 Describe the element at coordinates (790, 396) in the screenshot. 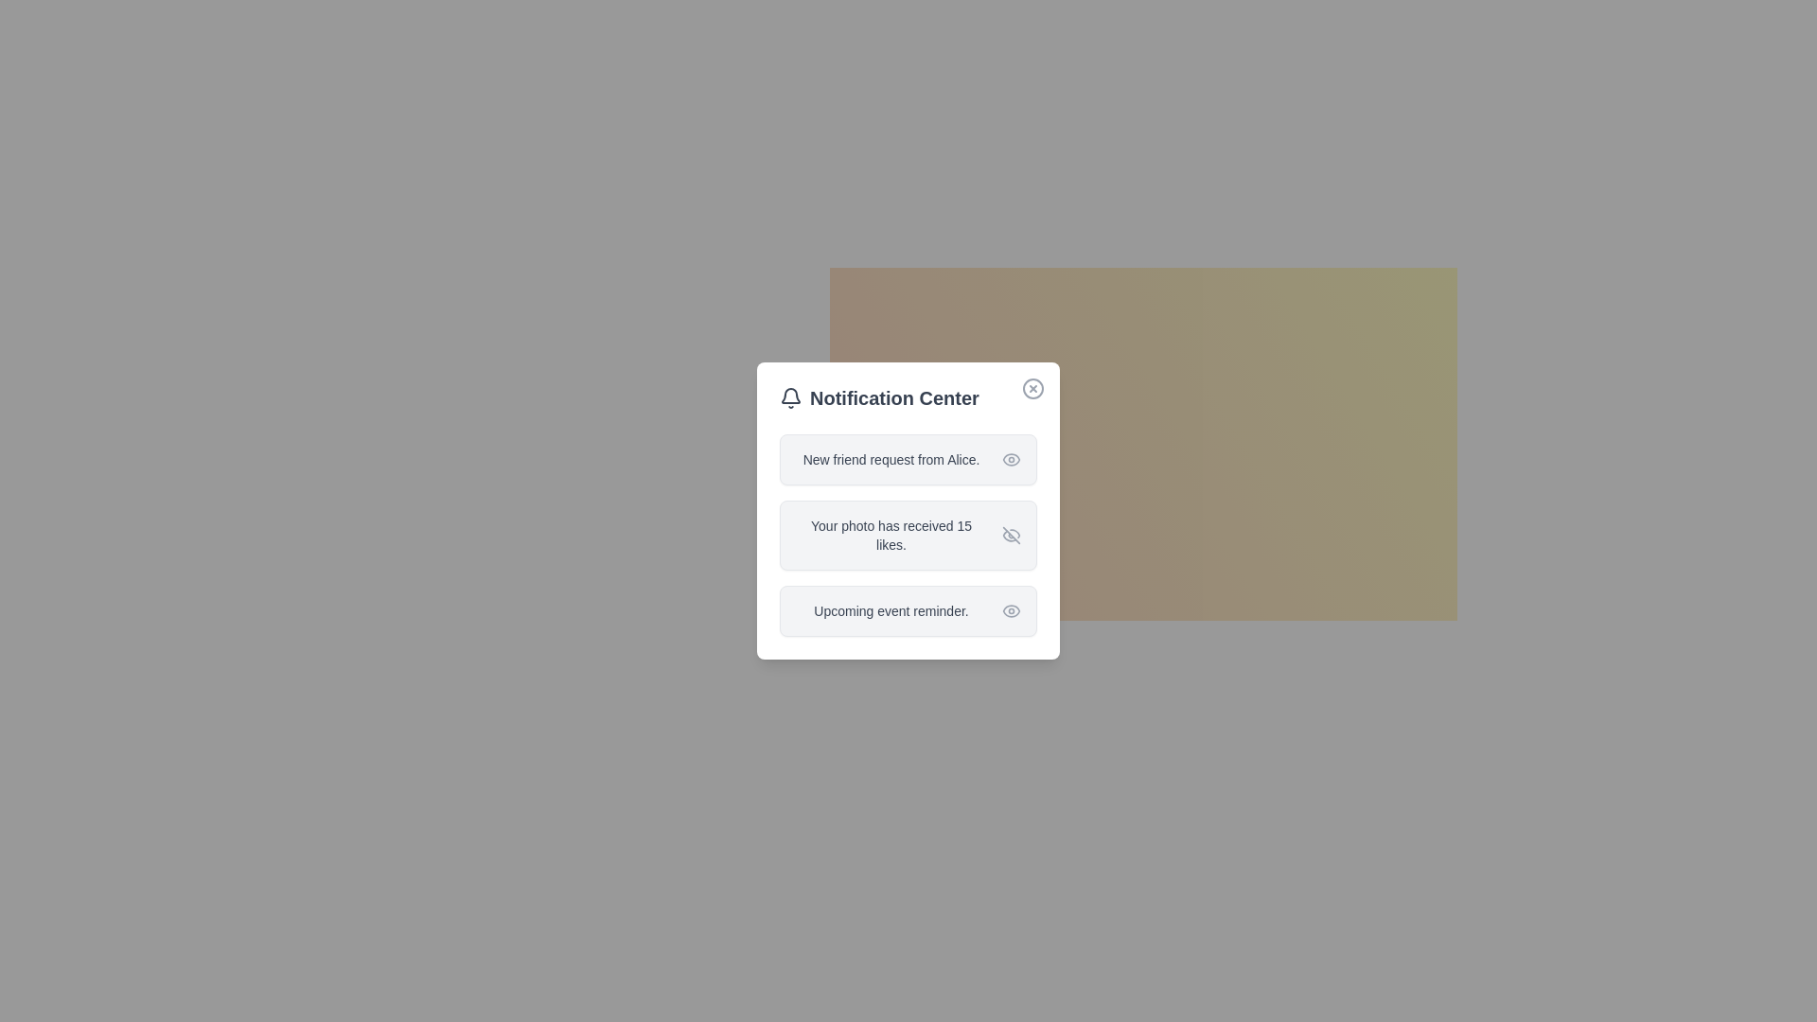

I see `the notification icon located to the left of the 'Notification Center' title in the header of the Notification Center feature` at that location.